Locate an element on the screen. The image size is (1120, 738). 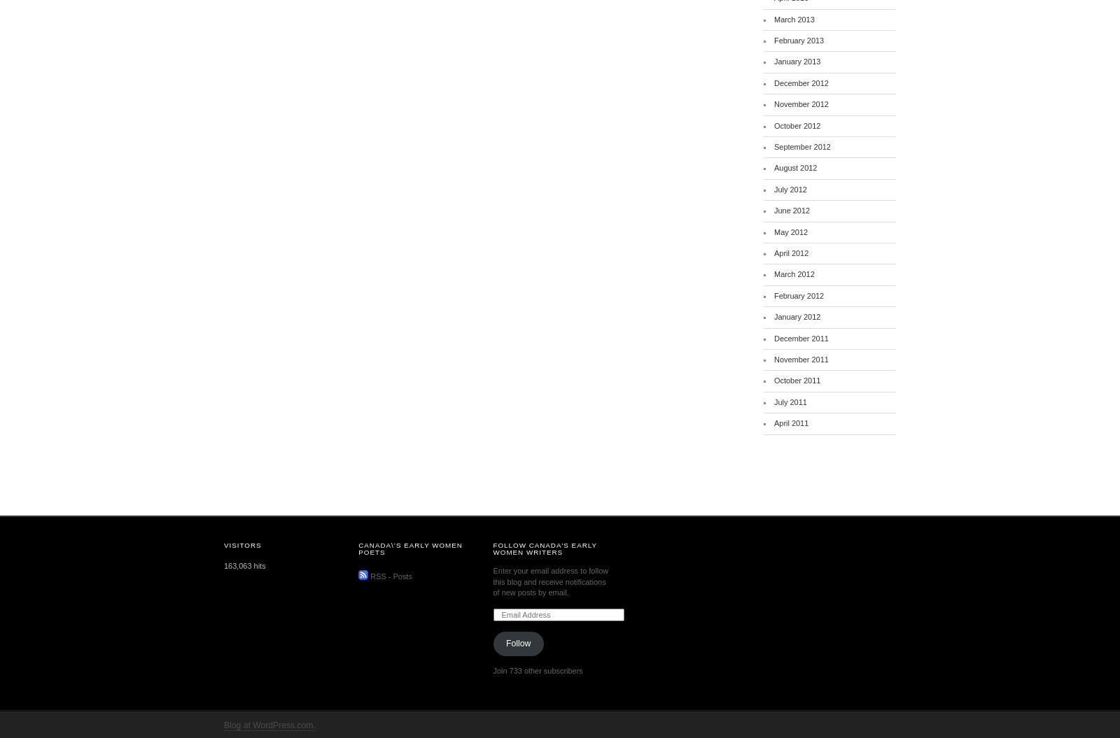
'July 2011' is located at coordinates (790, 401).